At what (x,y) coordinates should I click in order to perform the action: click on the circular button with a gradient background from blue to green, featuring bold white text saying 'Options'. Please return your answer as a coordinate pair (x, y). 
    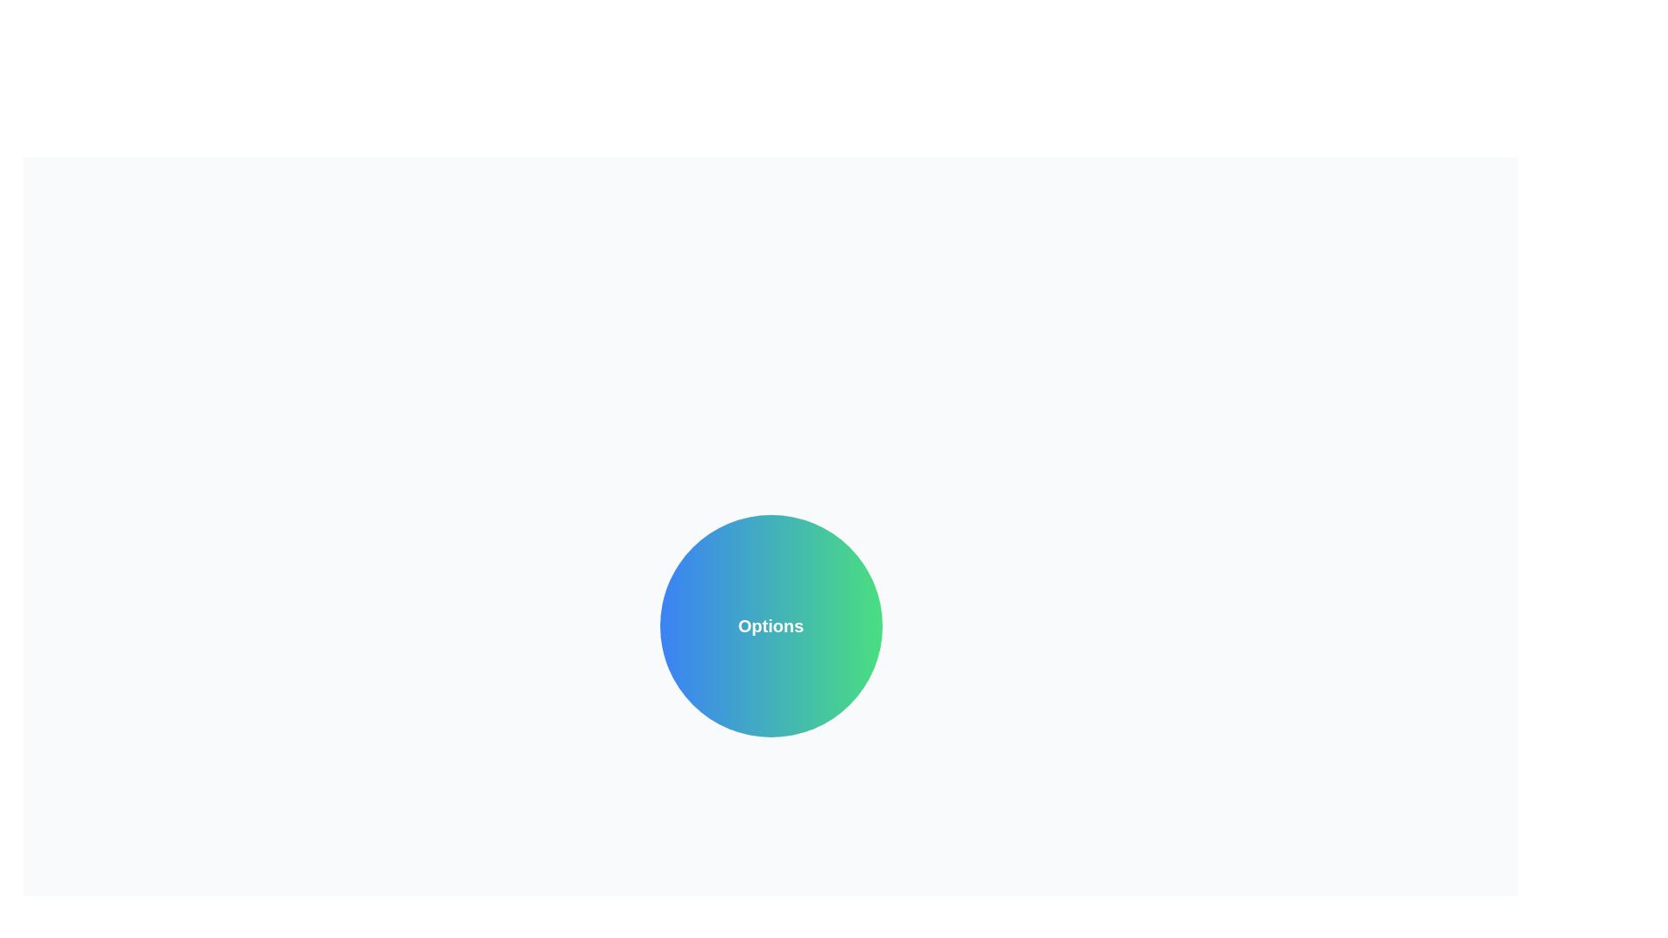
    Looking at the image, I should click on (770, 626).